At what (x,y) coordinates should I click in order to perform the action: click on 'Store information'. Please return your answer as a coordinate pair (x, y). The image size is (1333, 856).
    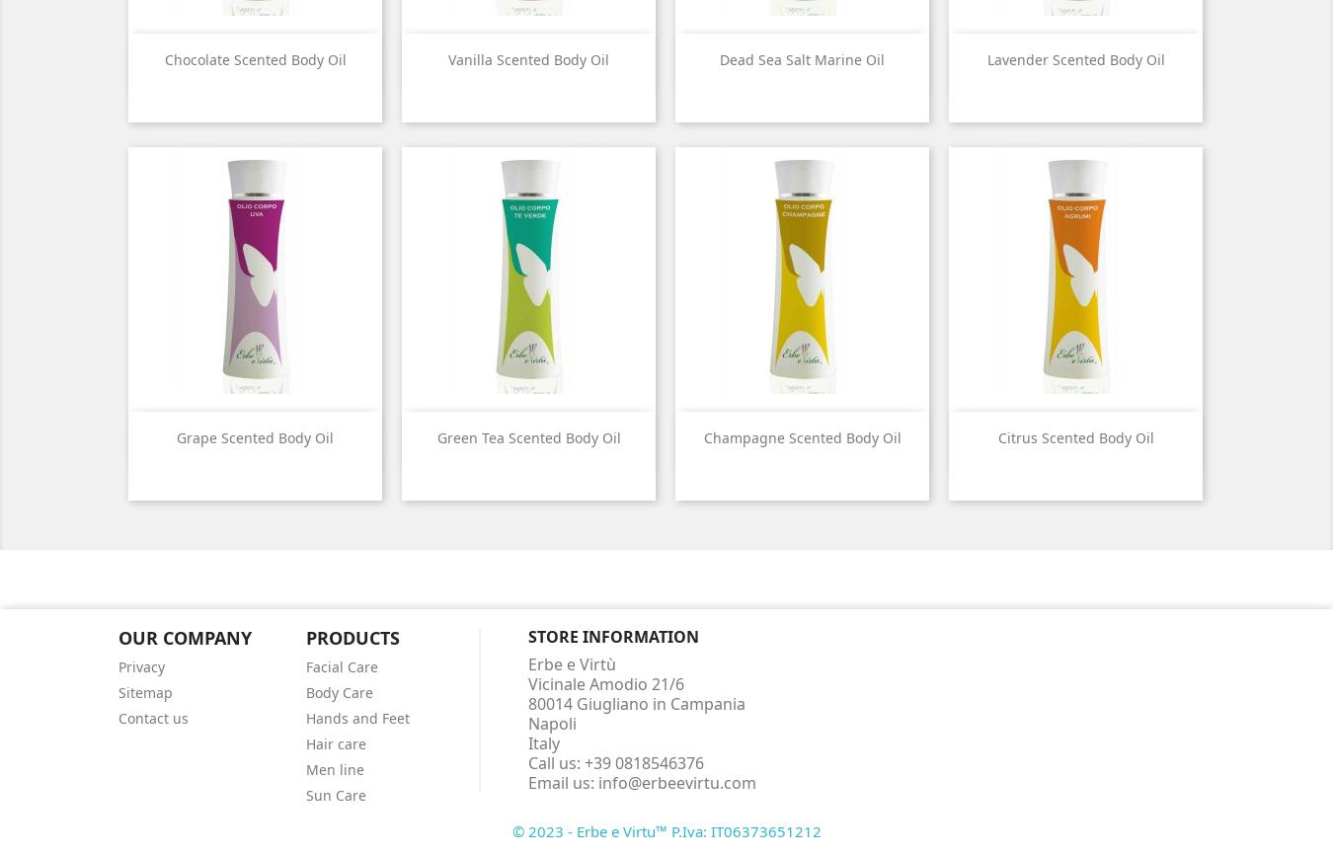
    Looking at the image, I should click on (612, 635).